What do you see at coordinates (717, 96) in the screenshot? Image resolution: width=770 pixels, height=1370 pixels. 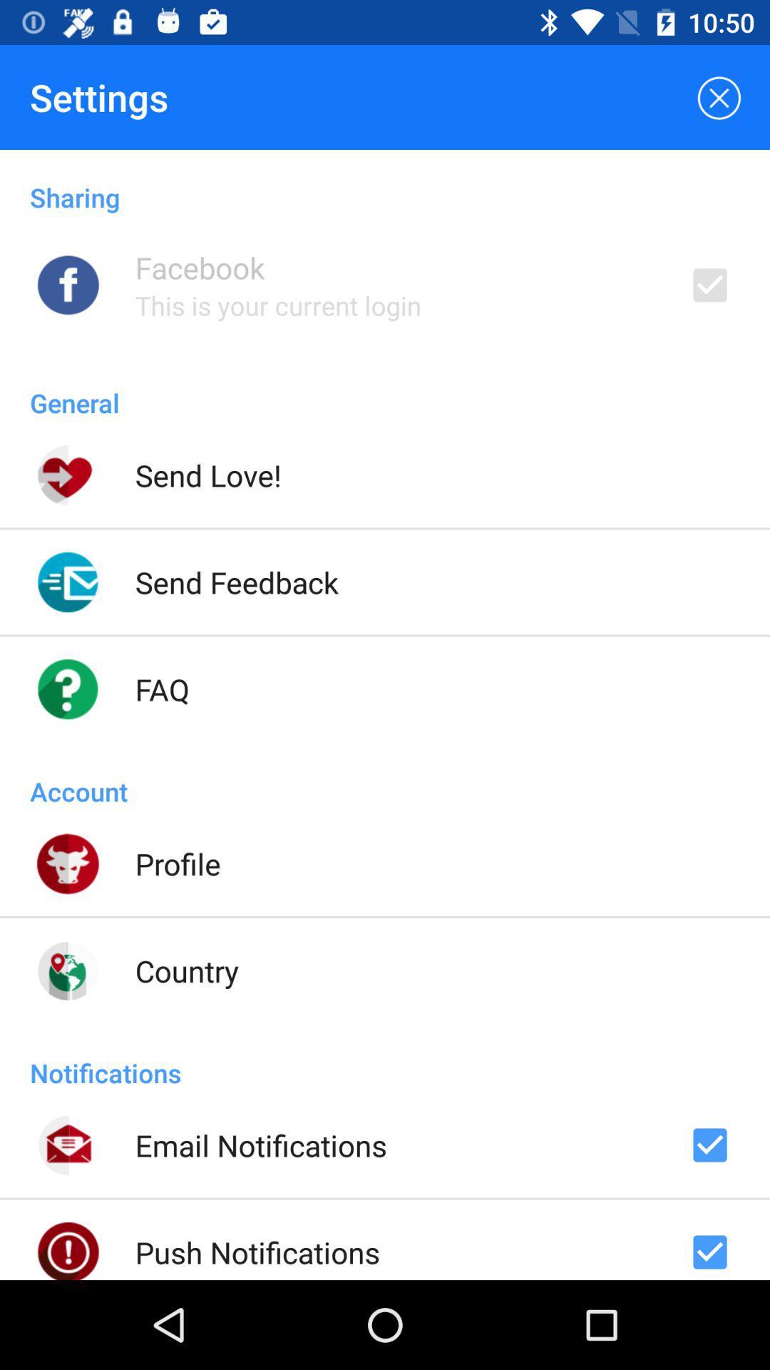 I see `the item to the right of settings icon` at bounding box center [717, 96].